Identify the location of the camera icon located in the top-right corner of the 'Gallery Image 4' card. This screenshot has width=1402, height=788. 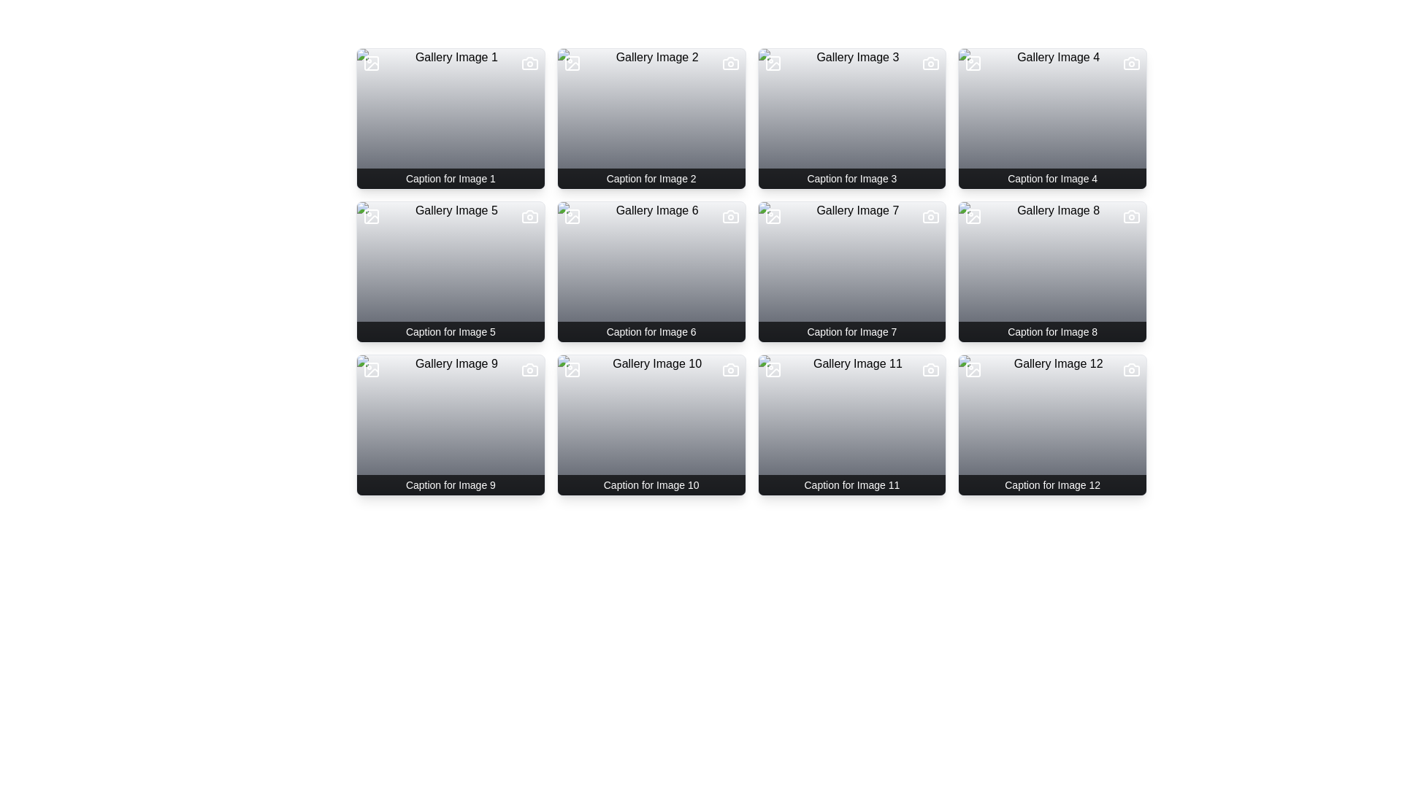
(1131, 63).